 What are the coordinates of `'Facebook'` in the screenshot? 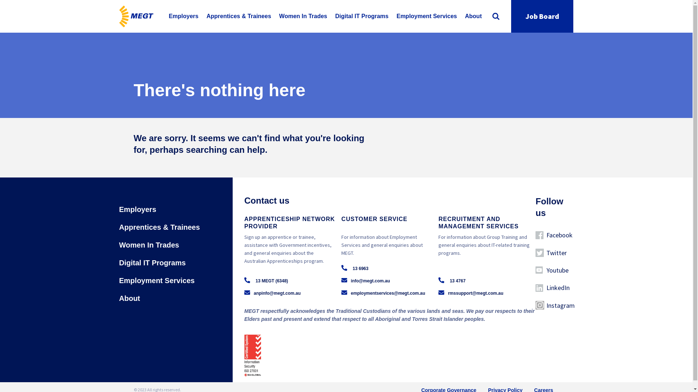 It's located at (554, 235).